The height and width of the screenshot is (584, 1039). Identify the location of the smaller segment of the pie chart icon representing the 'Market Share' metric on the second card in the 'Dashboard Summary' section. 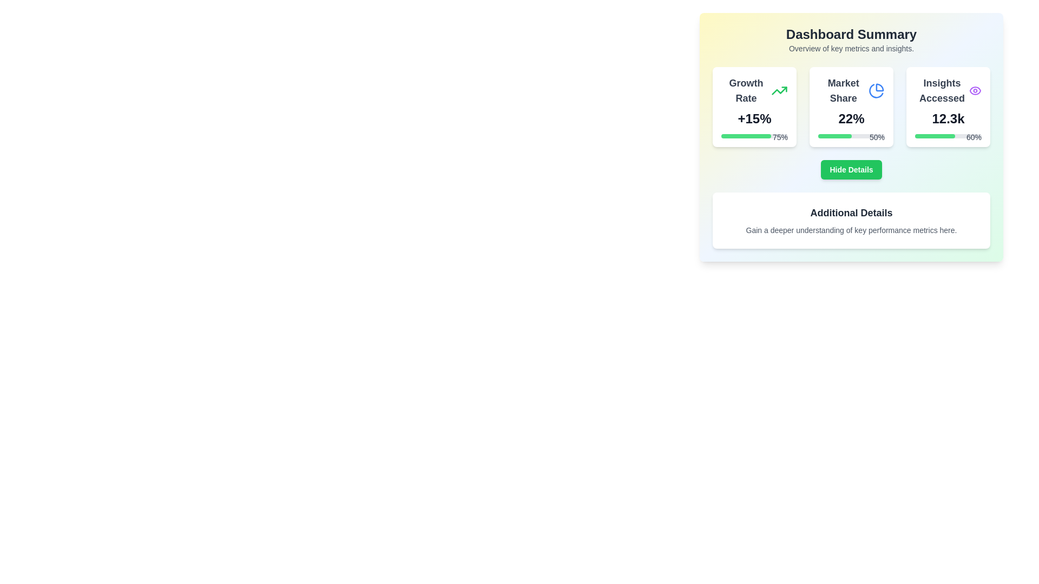
(880, 87).